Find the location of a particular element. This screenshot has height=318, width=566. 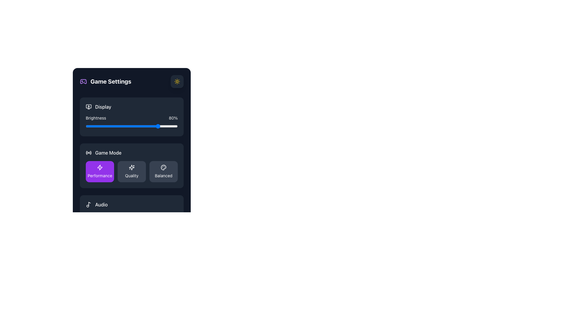

the selector buttons in the 'Game Mode' settings, allowing the user to choose between 'Performance,' 'Quality,' and 'Balanced' modes is located at coordinates (131, 171).